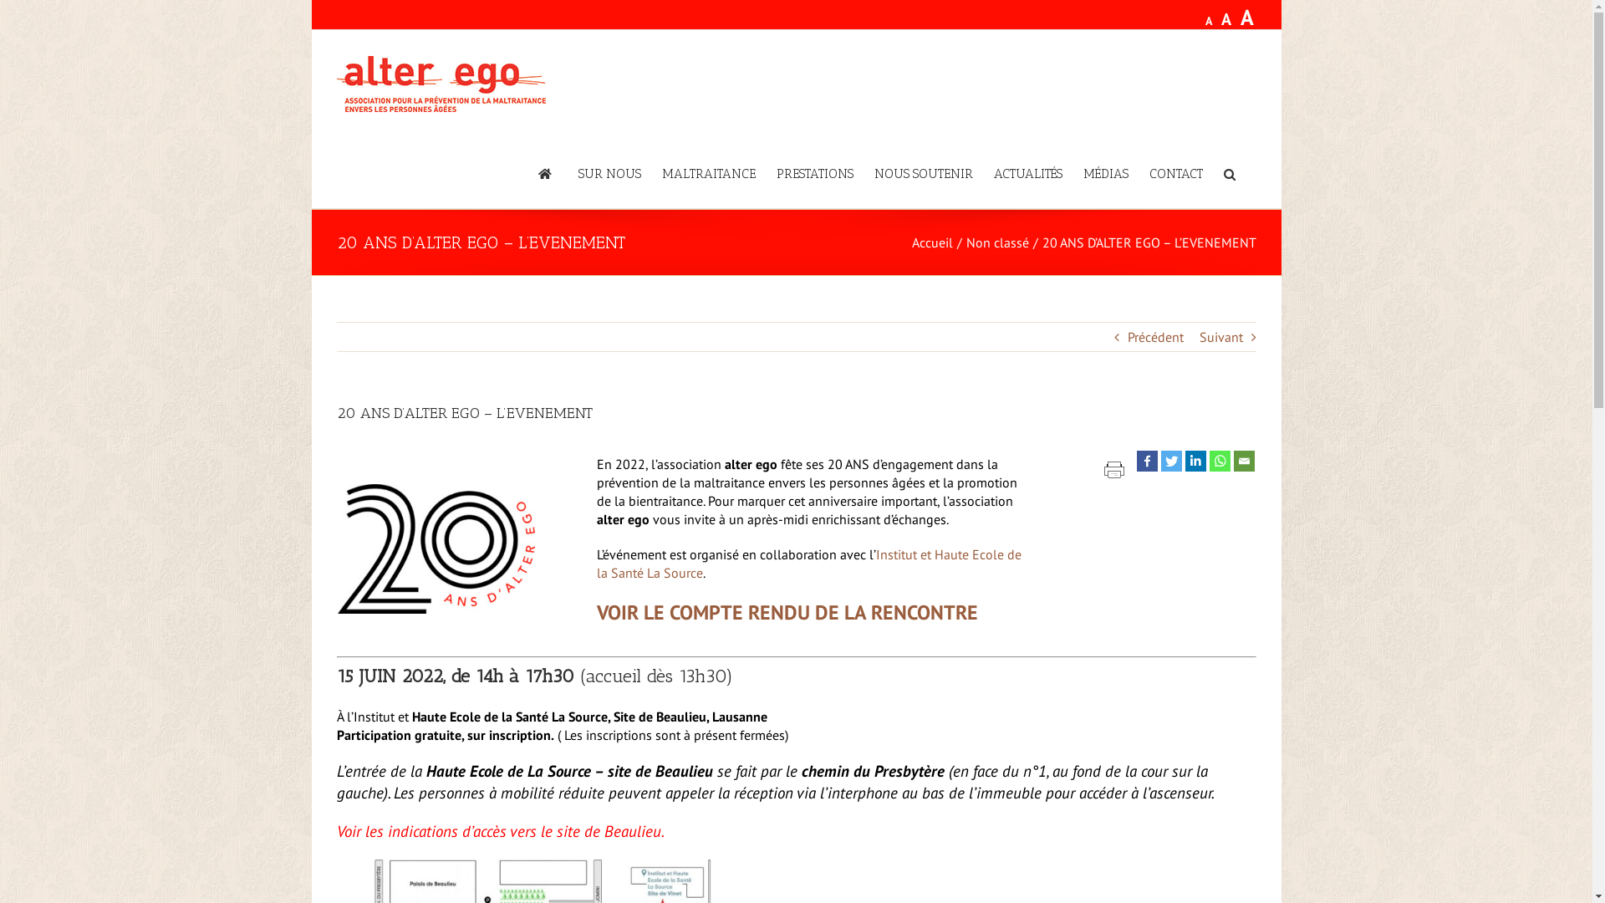  I want to click on 'Email', so click(1244, 461).